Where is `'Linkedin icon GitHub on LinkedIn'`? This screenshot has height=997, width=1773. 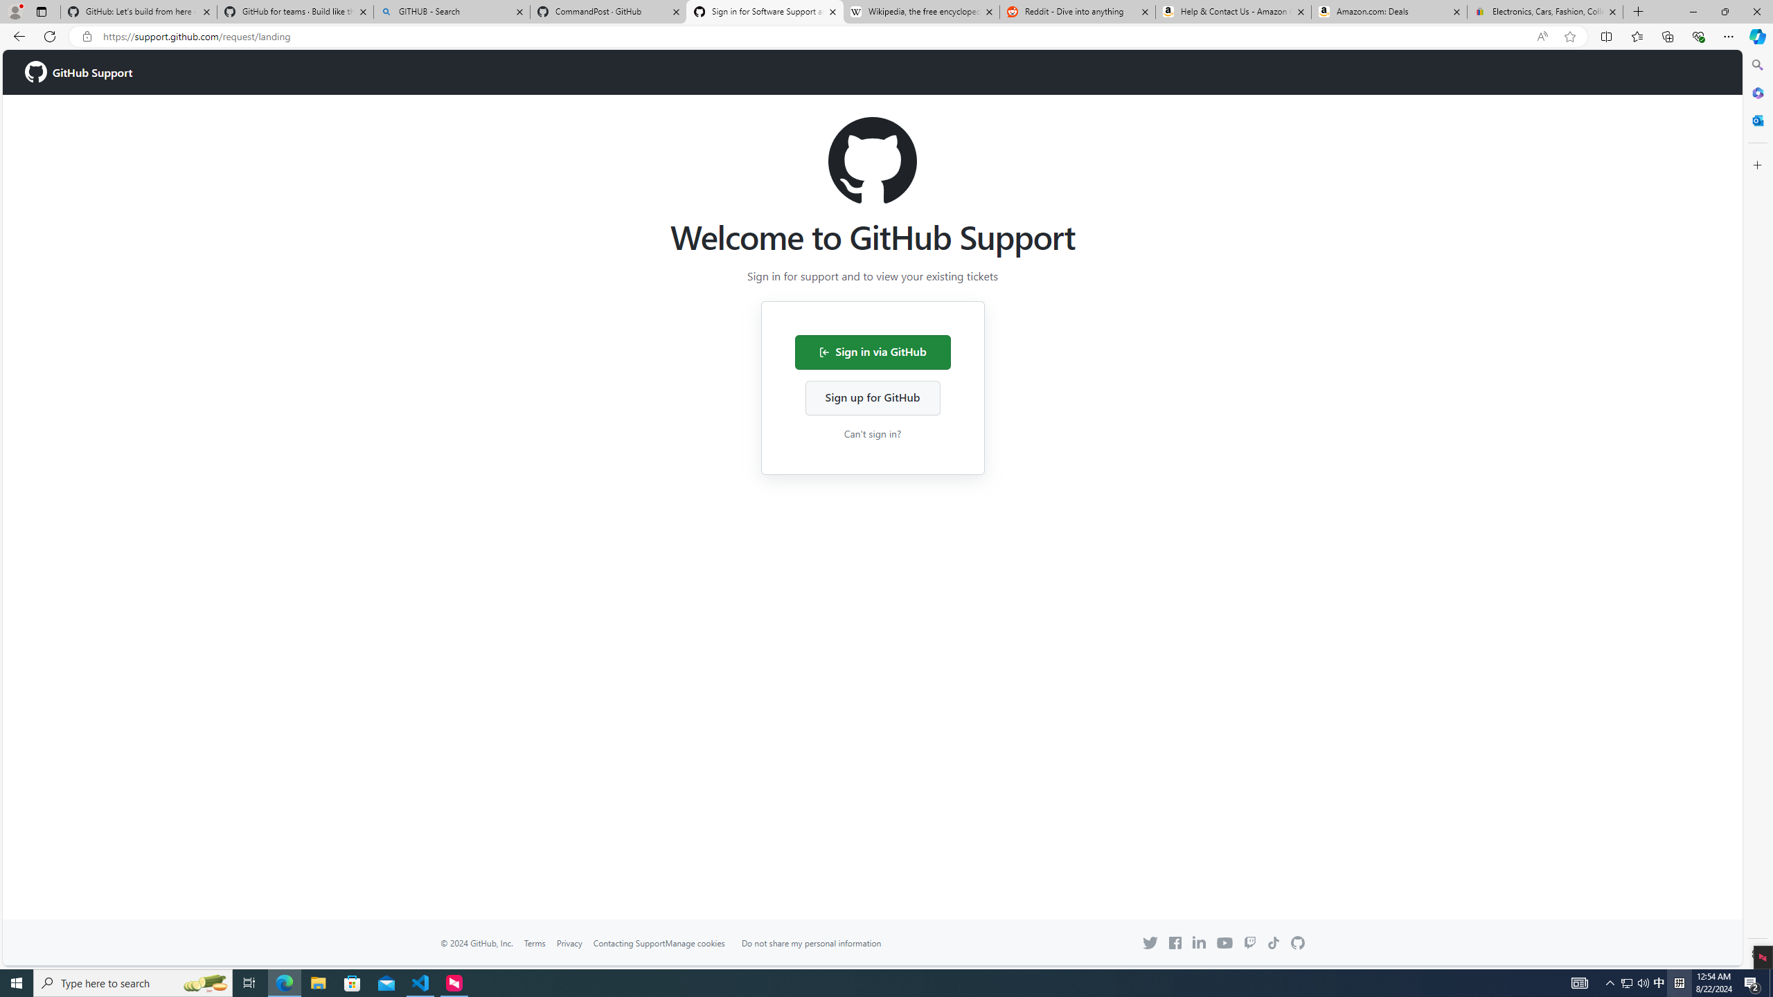 'Linkedin icon GitHub on LinkedIn' is located at coordinates (1199, 941).